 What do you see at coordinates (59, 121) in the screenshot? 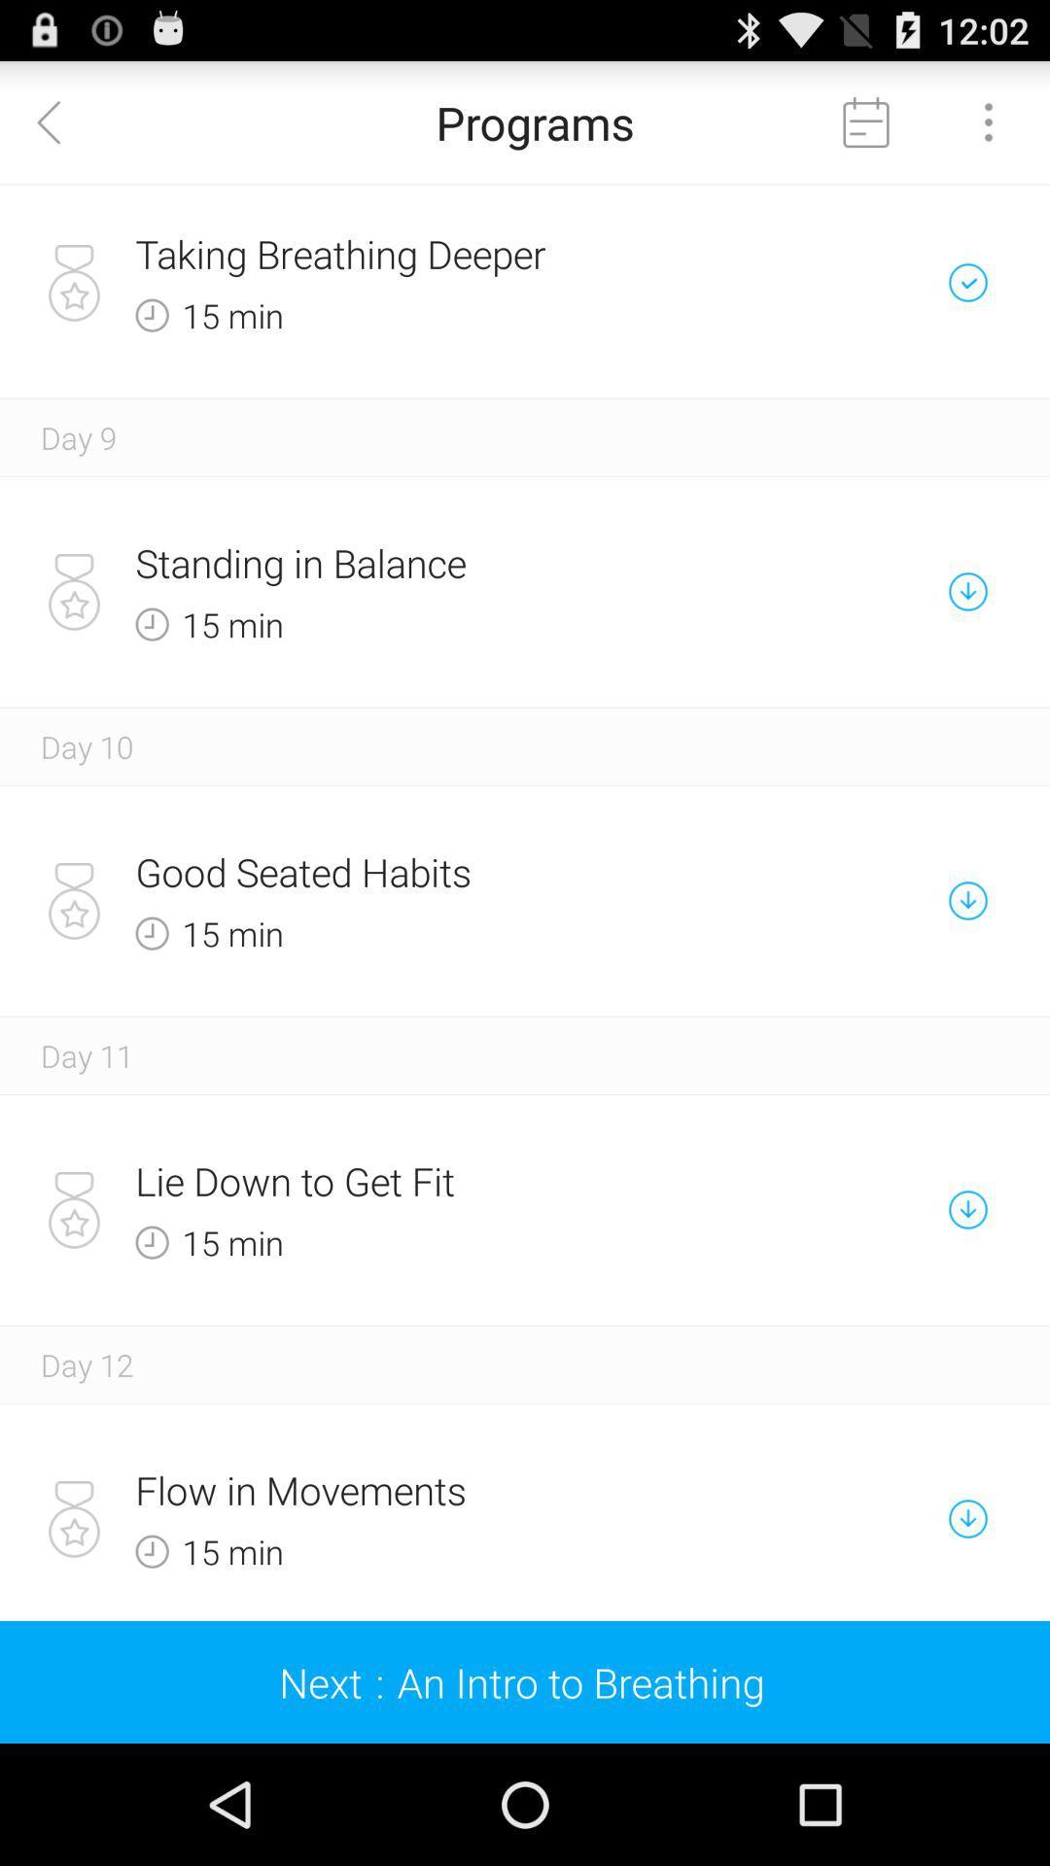
I see `the item next to programs icon` at bounding box center [59, 121].